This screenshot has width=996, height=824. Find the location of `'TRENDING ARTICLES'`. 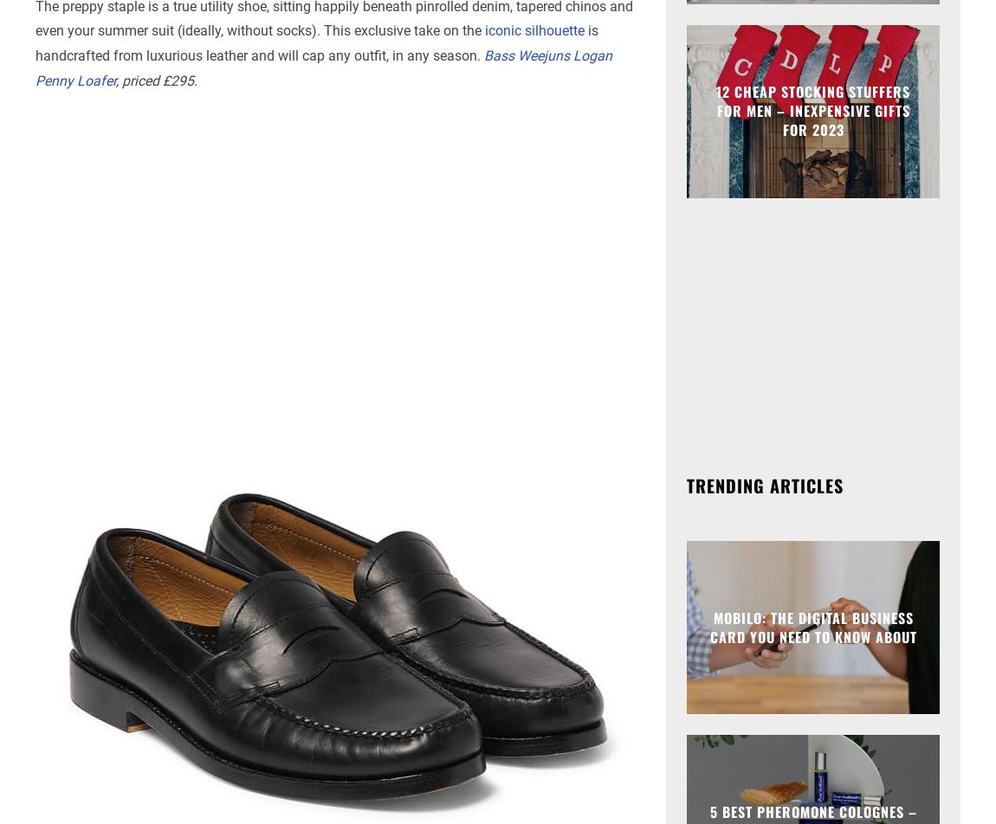

'TRENDING ARTICLES' is located at coordinates (765, 484).